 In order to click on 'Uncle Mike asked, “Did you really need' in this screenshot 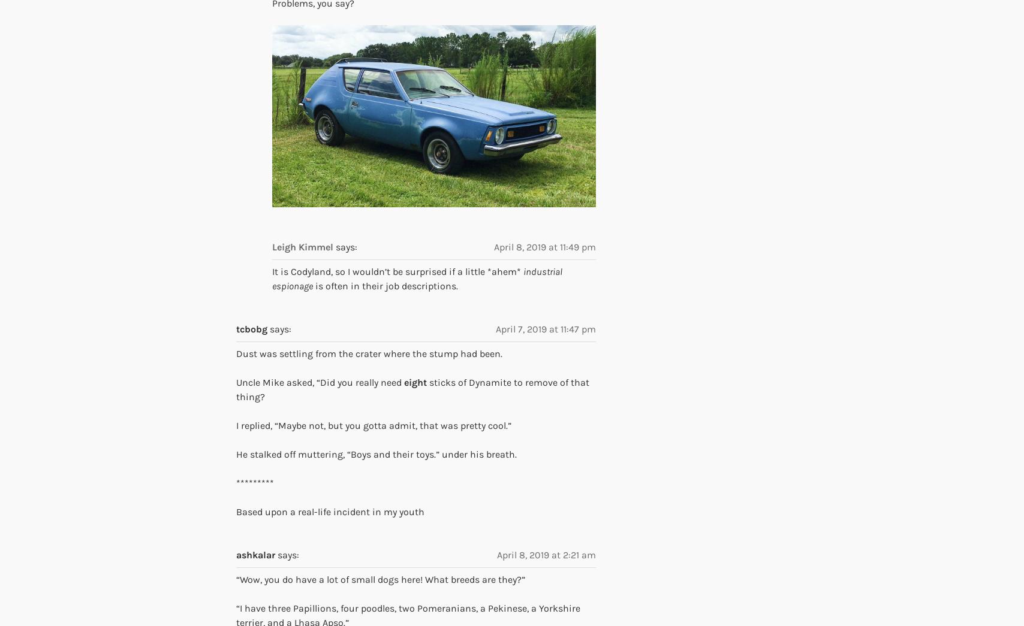, I will do `click(320, 381)`.